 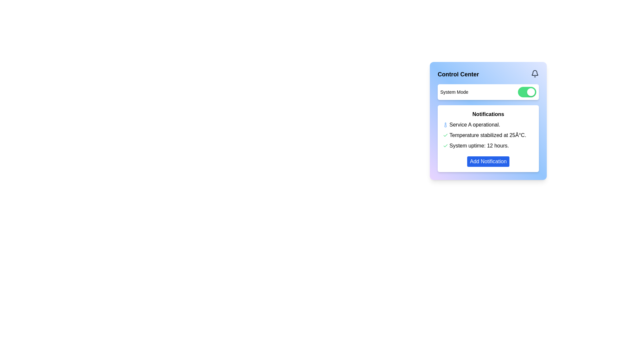 What do you see at coordinates (488, 121) in the screenshot?
I see `content within the 'Control Center' panel, which features a gradient background, rounded corners, and includes sections for 'System Mode' toggle and 'Notifications'` at bounding box center [488, 121].